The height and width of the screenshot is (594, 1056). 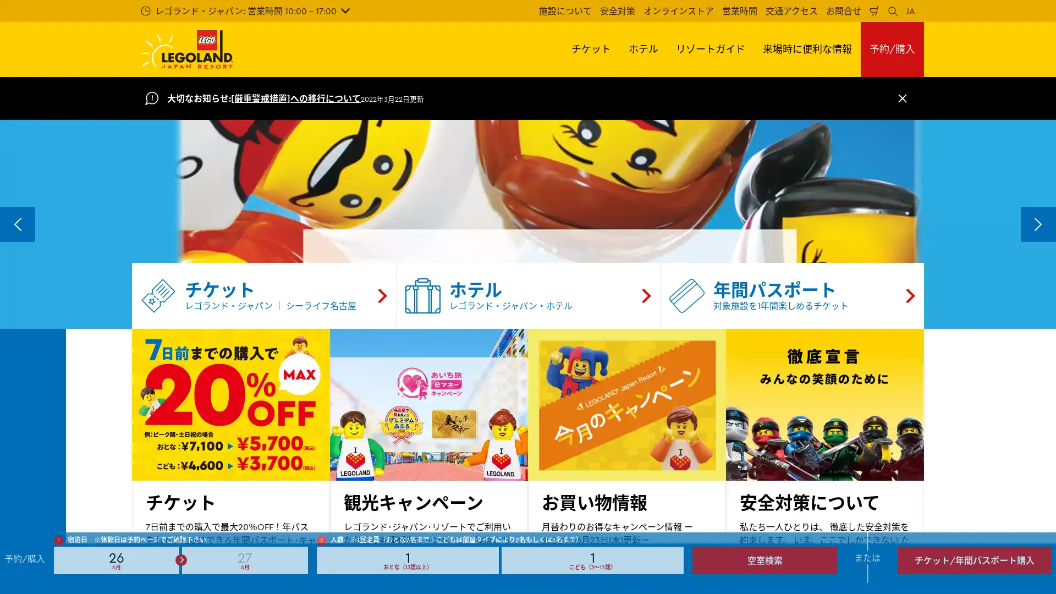 I want to click on /, so click(x=892, y=48).